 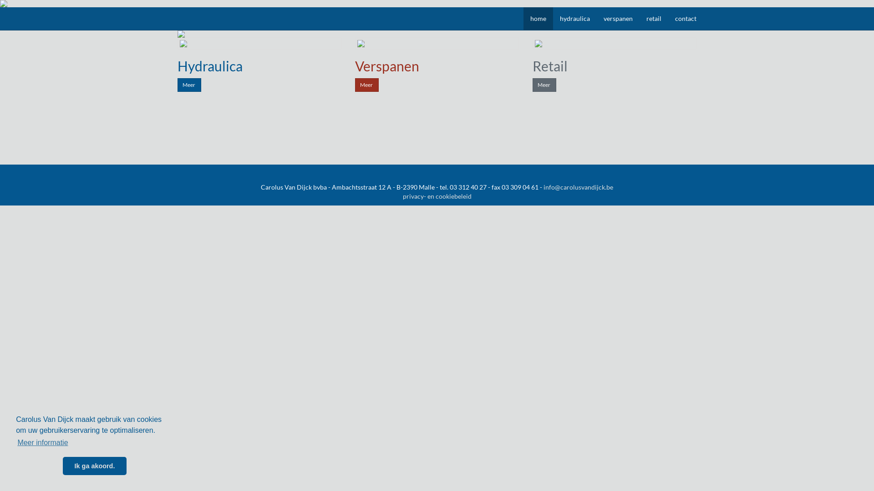 I want to click on 'privacy- en cookiebeleid', so click(x=401, y=195).